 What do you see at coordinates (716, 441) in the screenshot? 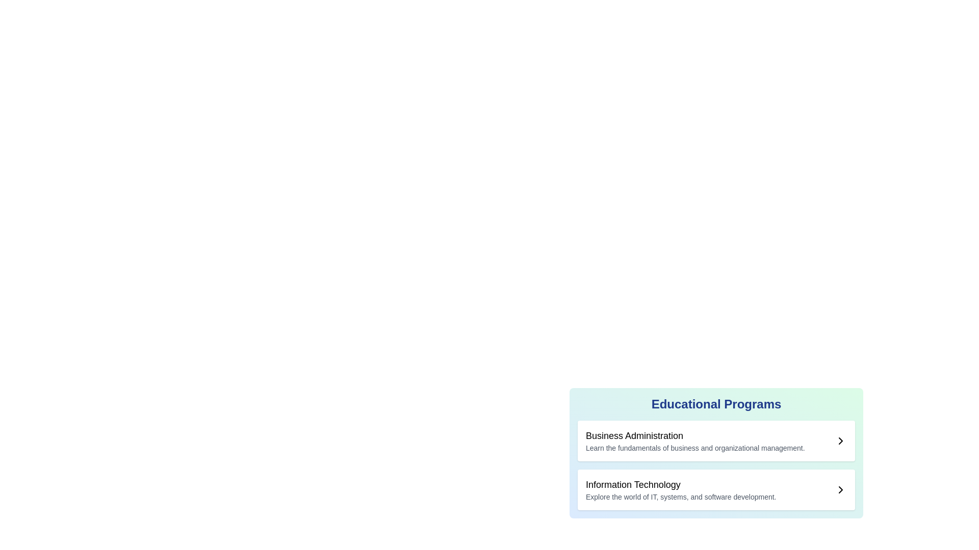
I see `the first list item that provides information about the 'Business Administration' educational program` at bounding box center [716, 441].